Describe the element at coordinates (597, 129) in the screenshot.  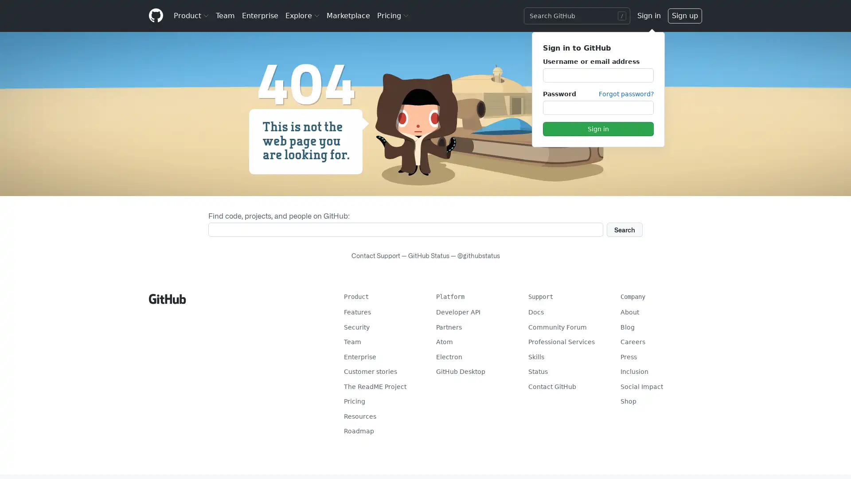
I see `Sign in` at that location.